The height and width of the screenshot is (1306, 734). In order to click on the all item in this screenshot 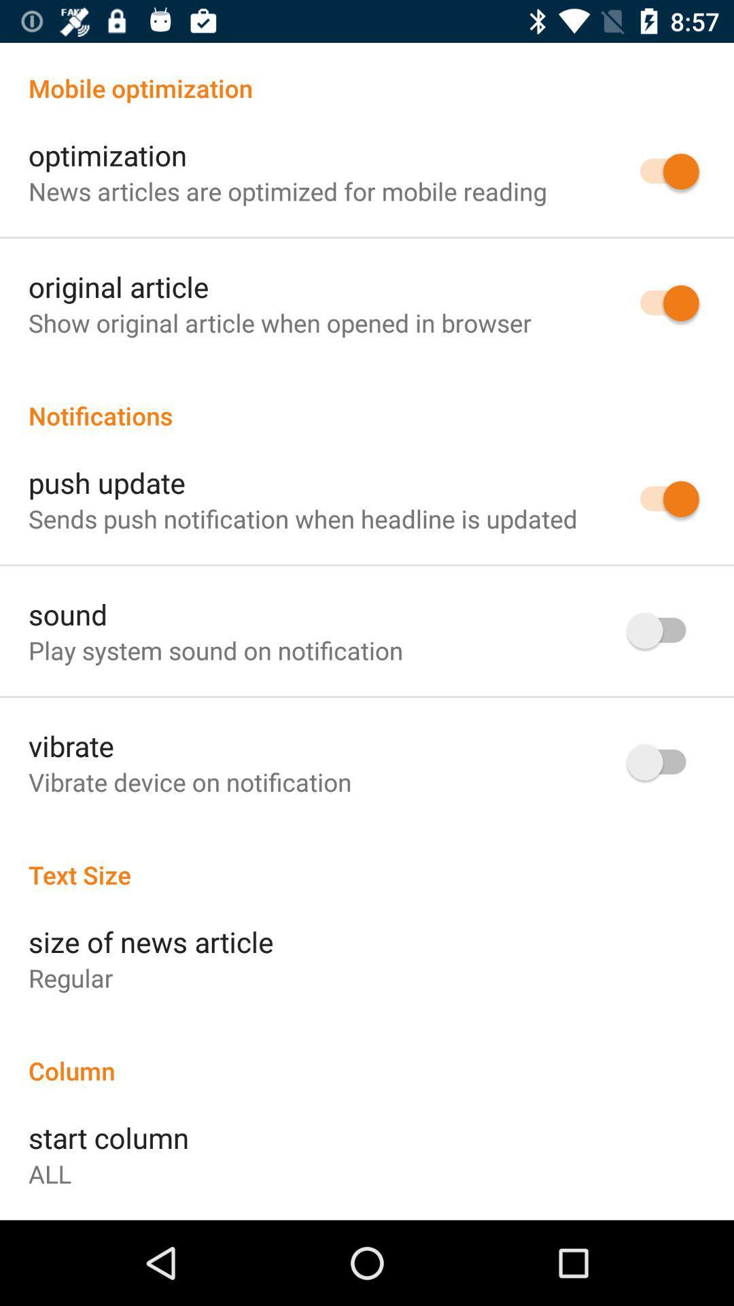, I will do `click(49, 1173)`.